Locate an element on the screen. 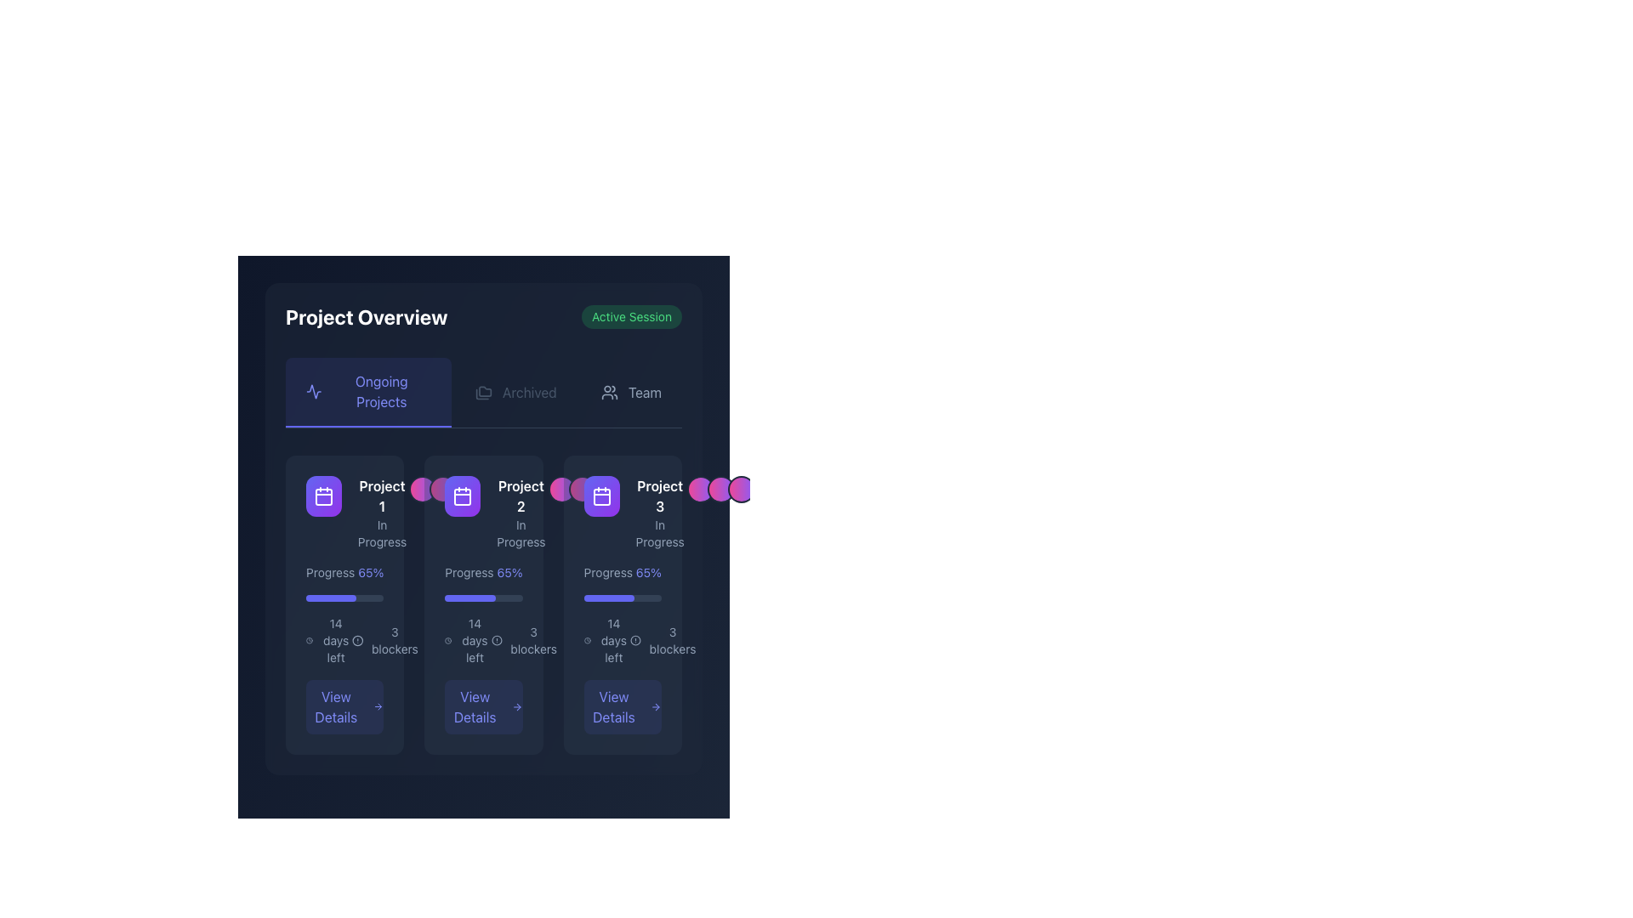 The width and height of the screenshot is (1633, 918). the static text element displaying '14 days left' in the lower middle section of the first project card in the 'Ongoing Projects' view is located at coordinates (336, 640).